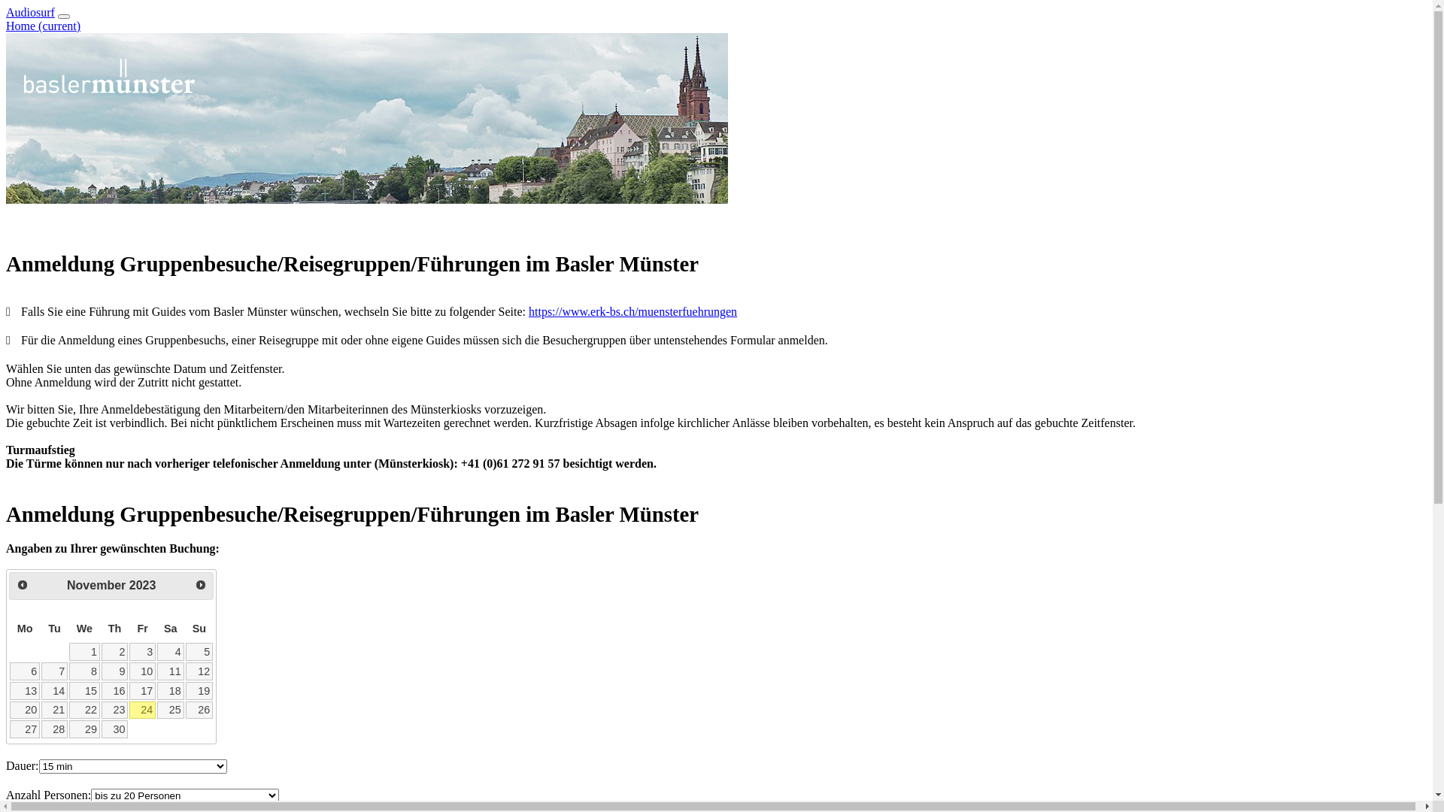 The width and height of the screenshot is (1444, 812). What do you see at coordinates (633, 311) in the screenshot?
I see `'https://www.erk-bs.ch/muensterfuehrungen'` at bounding box center [633, 311].